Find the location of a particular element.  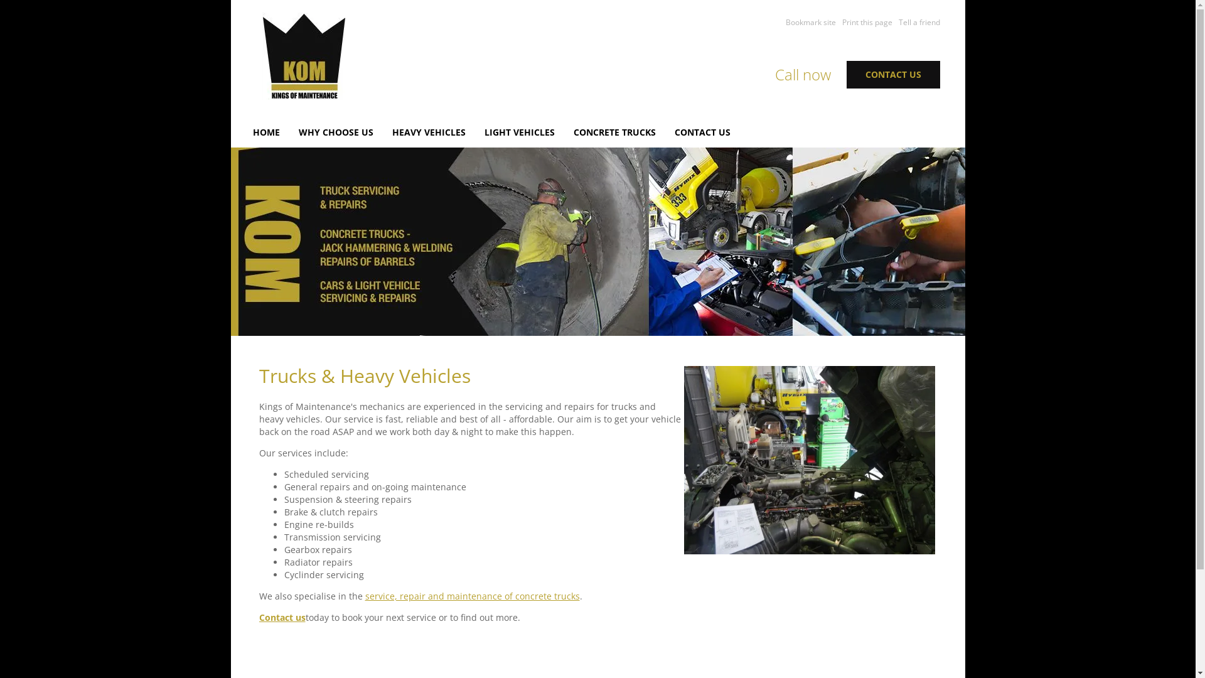

'CONTACT US' is located at coordinates (673, 131).